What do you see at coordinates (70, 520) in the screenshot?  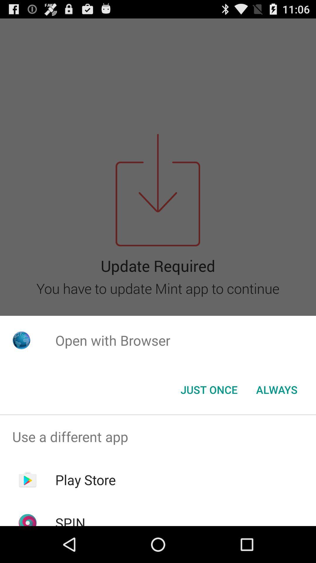 I see `the spin` at bounding box center [70, 520].